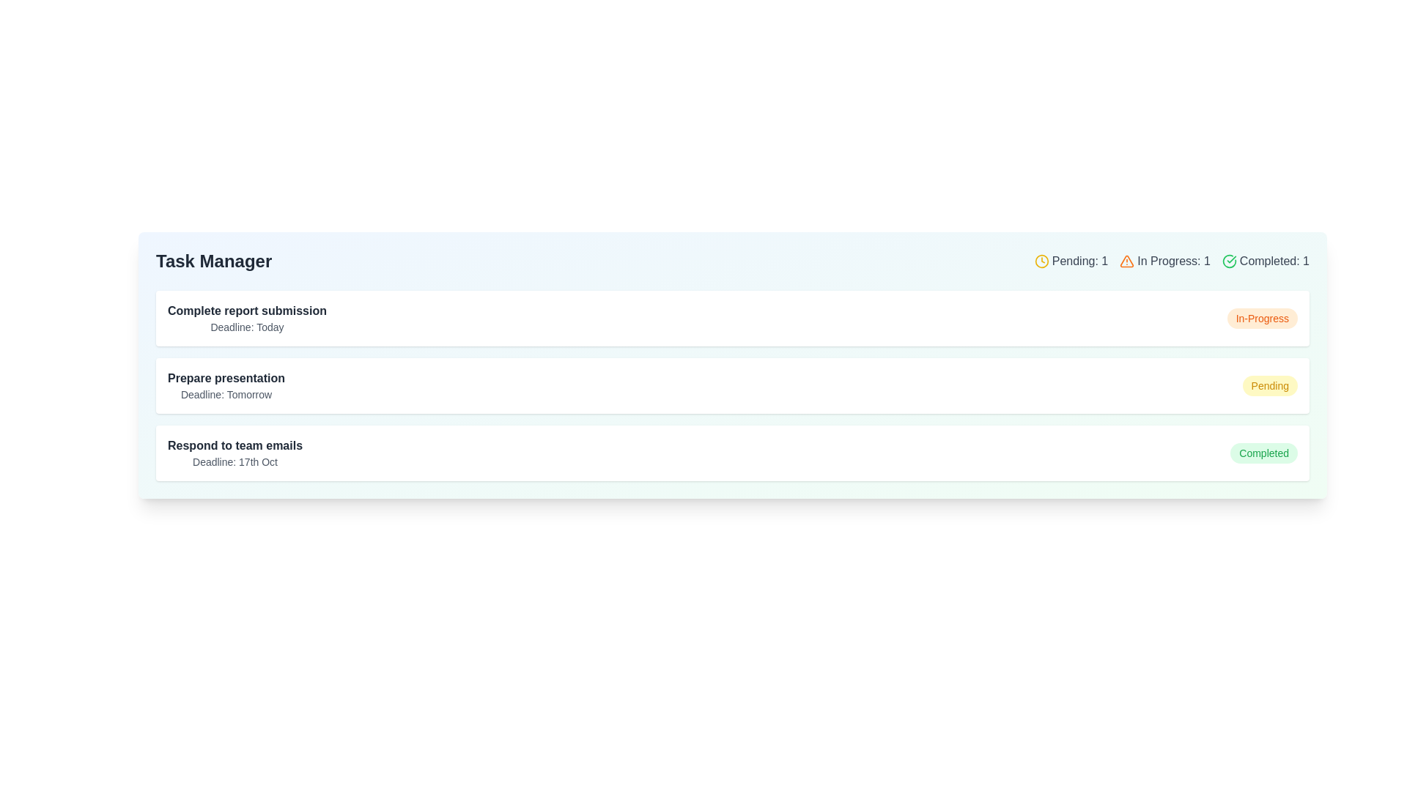 The height and width of the screenshot is (791, 1407). I want to click on the Status Indicator Cluster located at the top-right corner of the interface, which displays counts for tasks in 'Pending', 'In Progress', and 'Completed' states, so click(1171, 261).